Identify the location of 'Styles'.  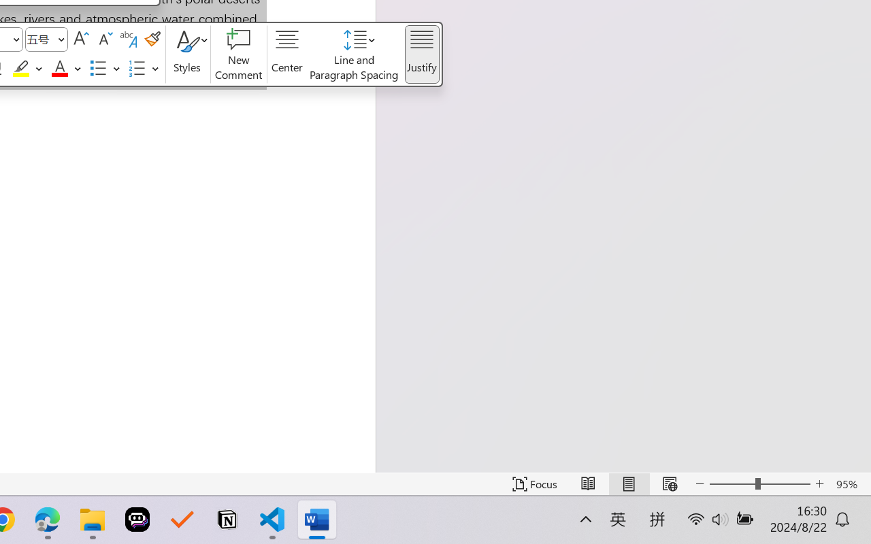
(187, 54).